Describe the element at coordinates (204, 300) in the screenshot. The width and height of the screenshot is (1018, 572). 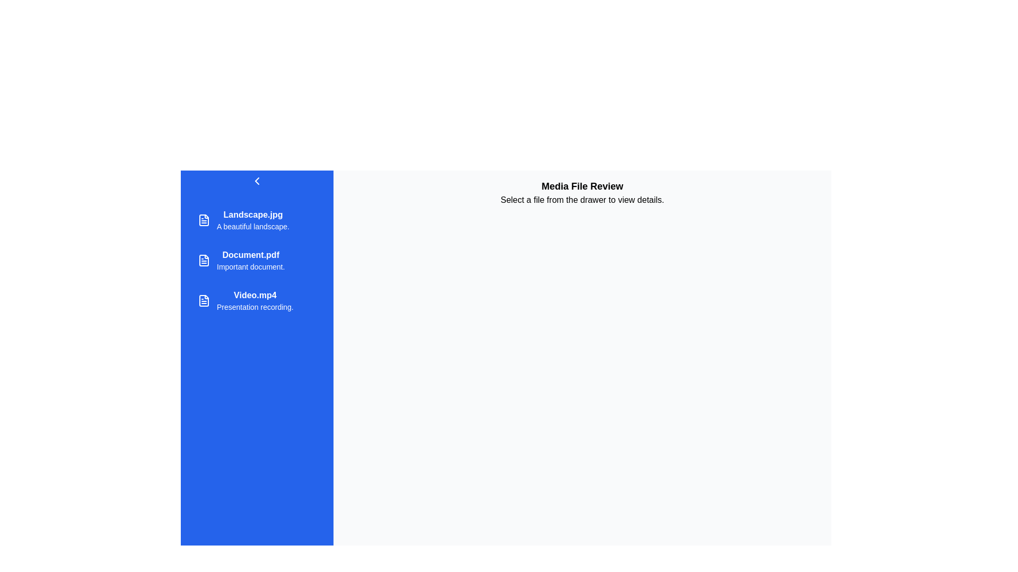
I see `the document icon representing the 'Video.mp4' file located in the left blue column` at that location.